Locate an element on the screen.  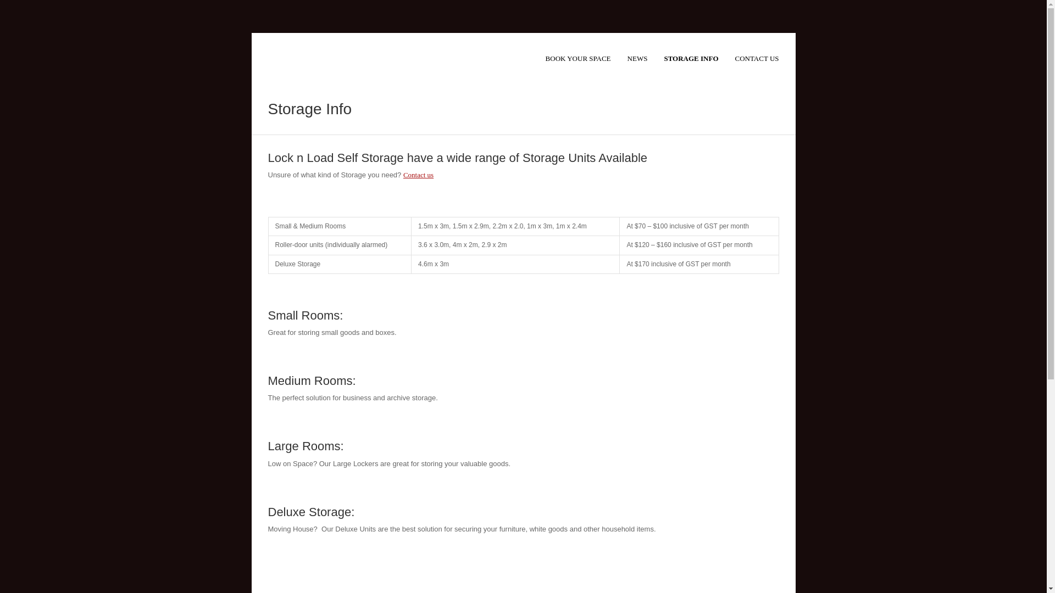
'STORAGE INFO' is located at coordinates (690, 59).